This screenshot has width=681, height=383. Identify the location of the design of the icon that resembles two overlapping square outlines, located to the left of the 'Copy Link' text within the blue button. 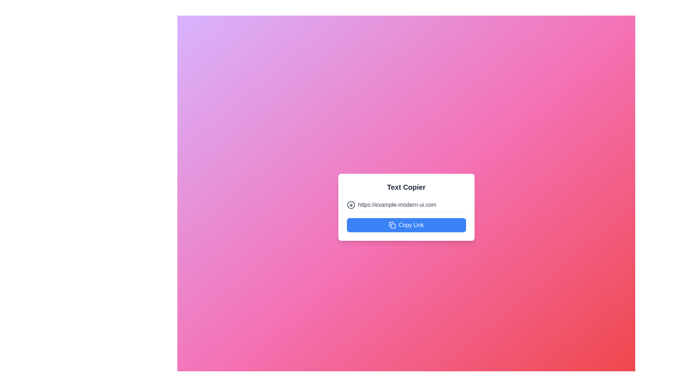
(392, 225).